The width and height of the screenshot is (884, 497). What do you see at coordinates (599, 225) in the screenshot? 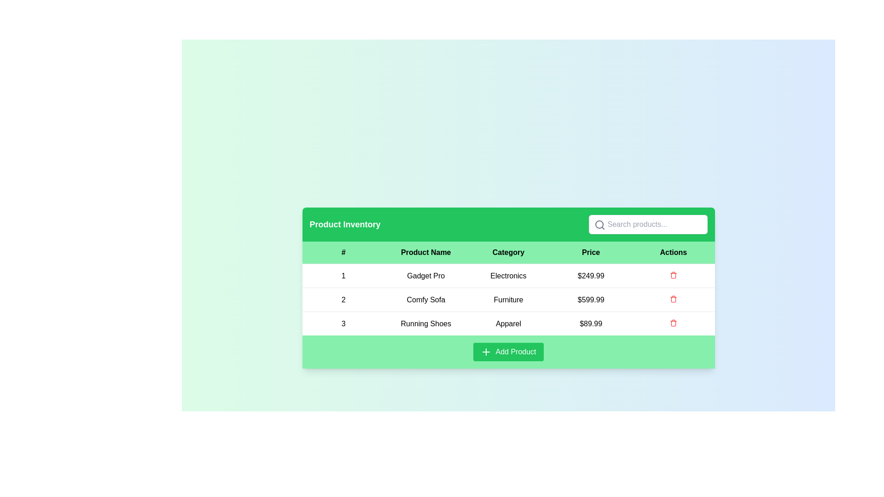
I see `the graphical circle within the SVG representation, which is centered in the magnifying glass icon located in the top-right corner of the green header bar` at bounding box center [599, 225].